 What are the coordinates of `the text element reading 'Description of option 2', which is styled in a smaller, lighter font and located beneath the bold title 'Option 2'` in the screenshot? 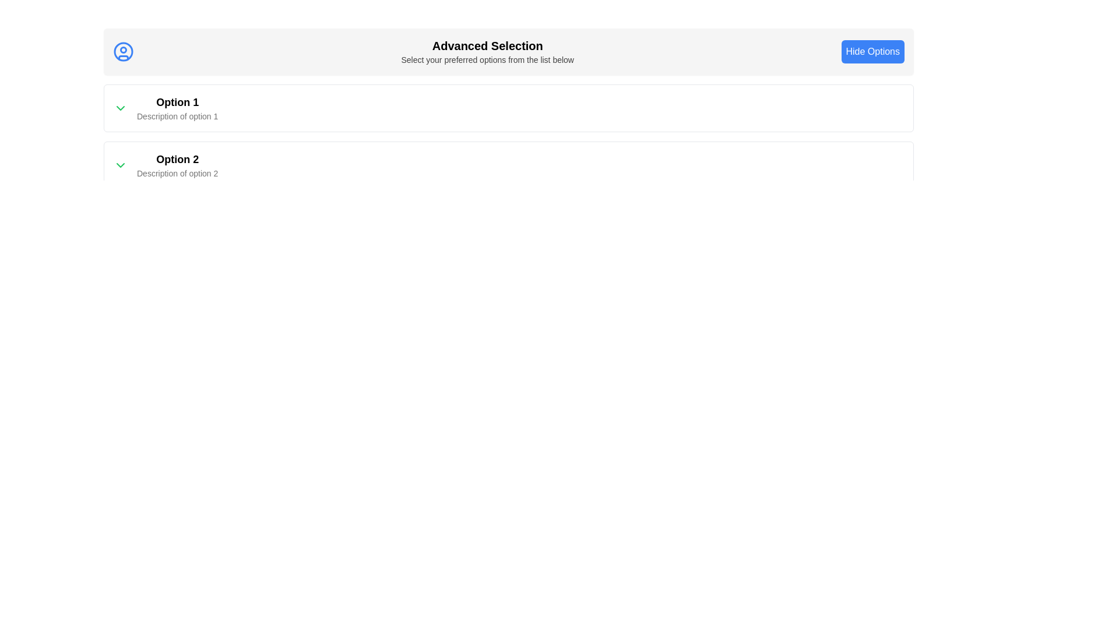 It's located at (177, 173).